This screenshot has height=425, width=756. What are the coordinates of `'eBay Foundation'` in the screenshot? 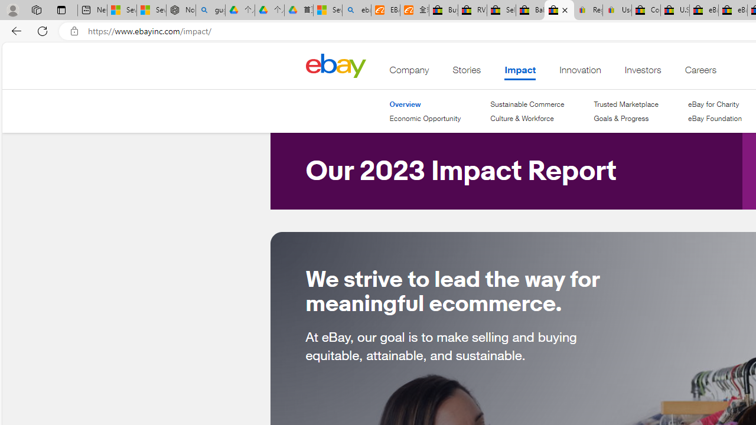 It's located at (714, 118).